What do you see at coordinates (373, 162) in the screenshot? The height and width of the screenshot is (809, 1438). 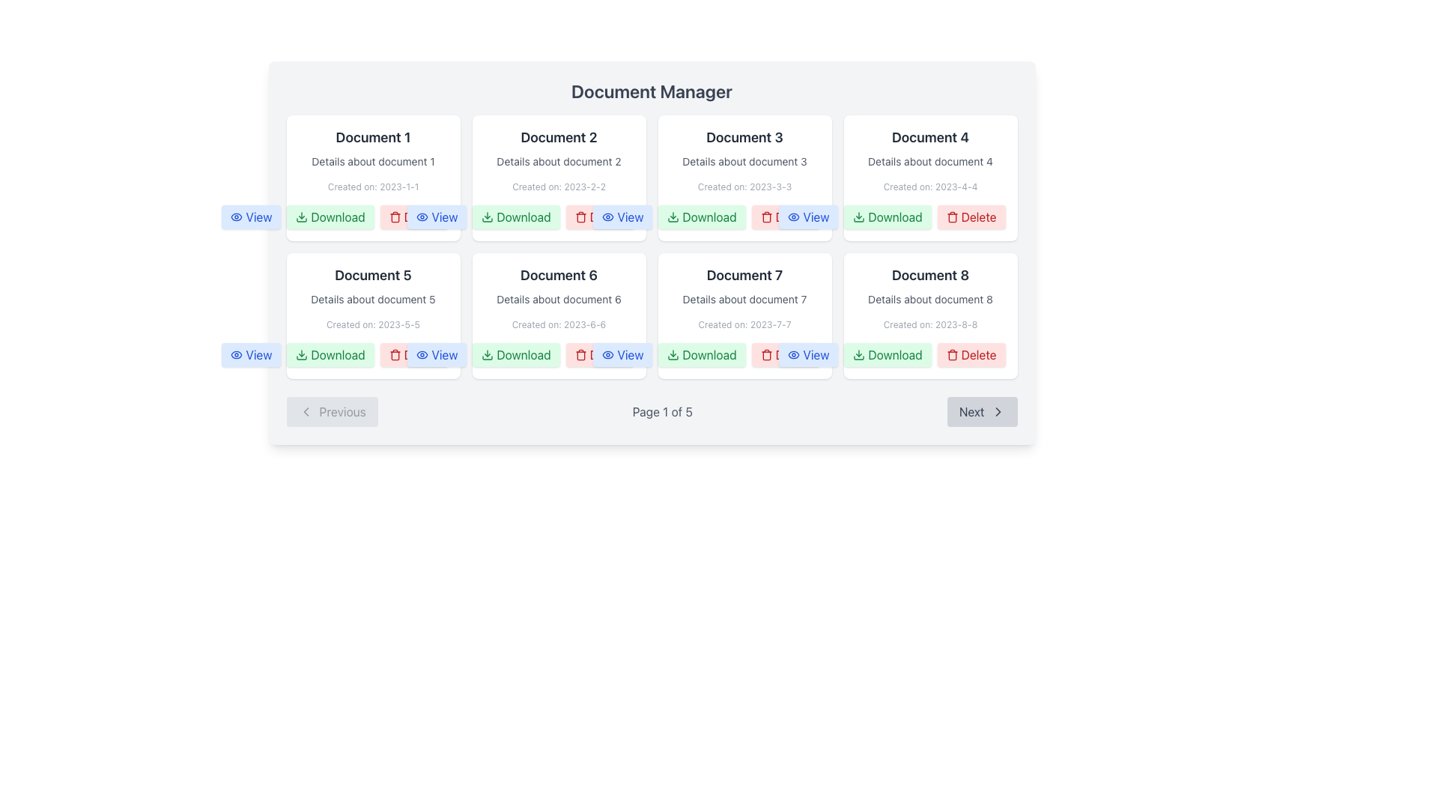 I see `the text label displaying 'Details about document 1', which is part of the first document card in a grid layout, positioned below the header 'Document 1'` at bounding box center [373, 162].